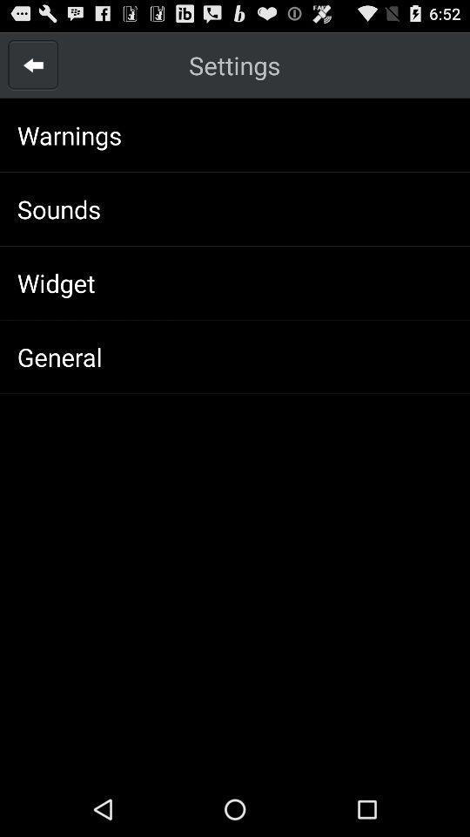 The image size is (470, 837). Describe the element at coordinates (58, 356) in the screenshot. I see `the general` at that location.